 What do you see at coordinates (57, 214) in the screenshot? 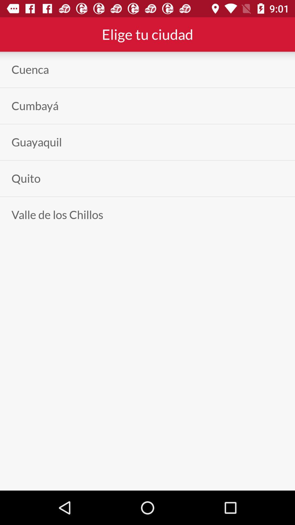
I see `icon below the quito` at bounding box center [57, 214].